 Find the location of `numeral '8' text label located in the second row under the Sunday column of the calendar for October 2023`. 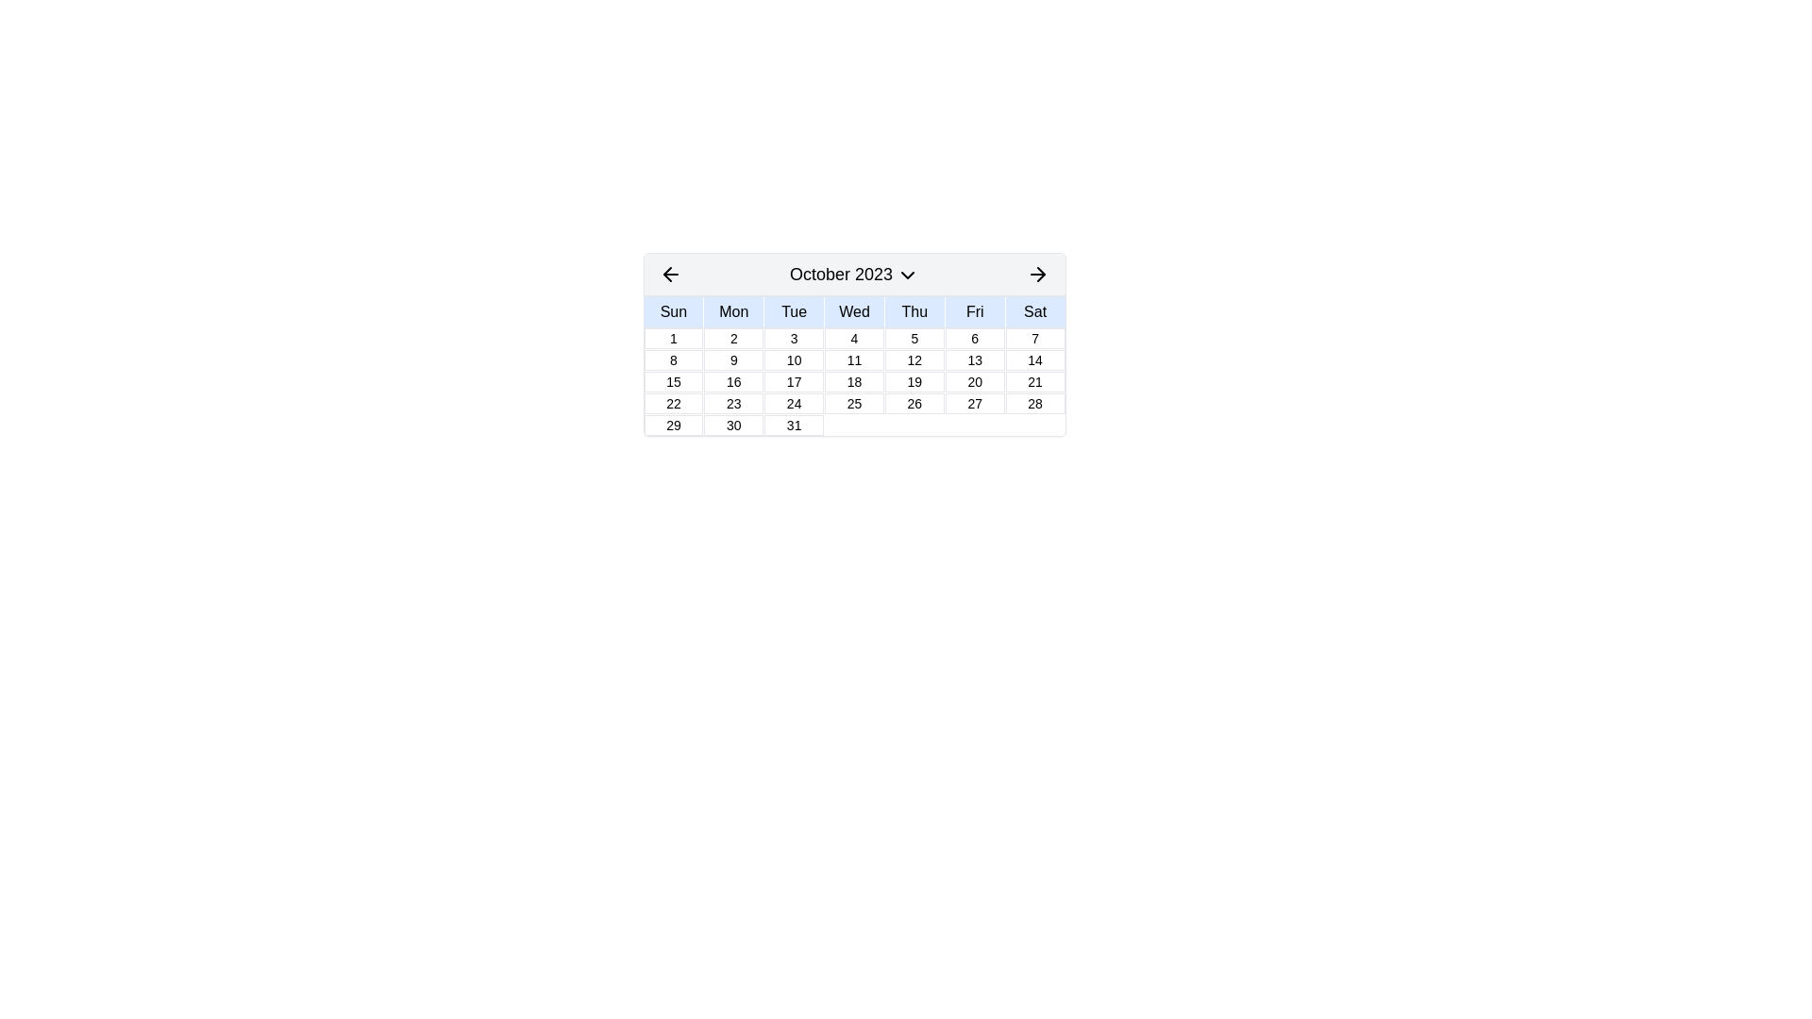

numeral '8' text label located in the second row under the Sunday column of the calendar for October 2023 is located at coordinates (673, 359).